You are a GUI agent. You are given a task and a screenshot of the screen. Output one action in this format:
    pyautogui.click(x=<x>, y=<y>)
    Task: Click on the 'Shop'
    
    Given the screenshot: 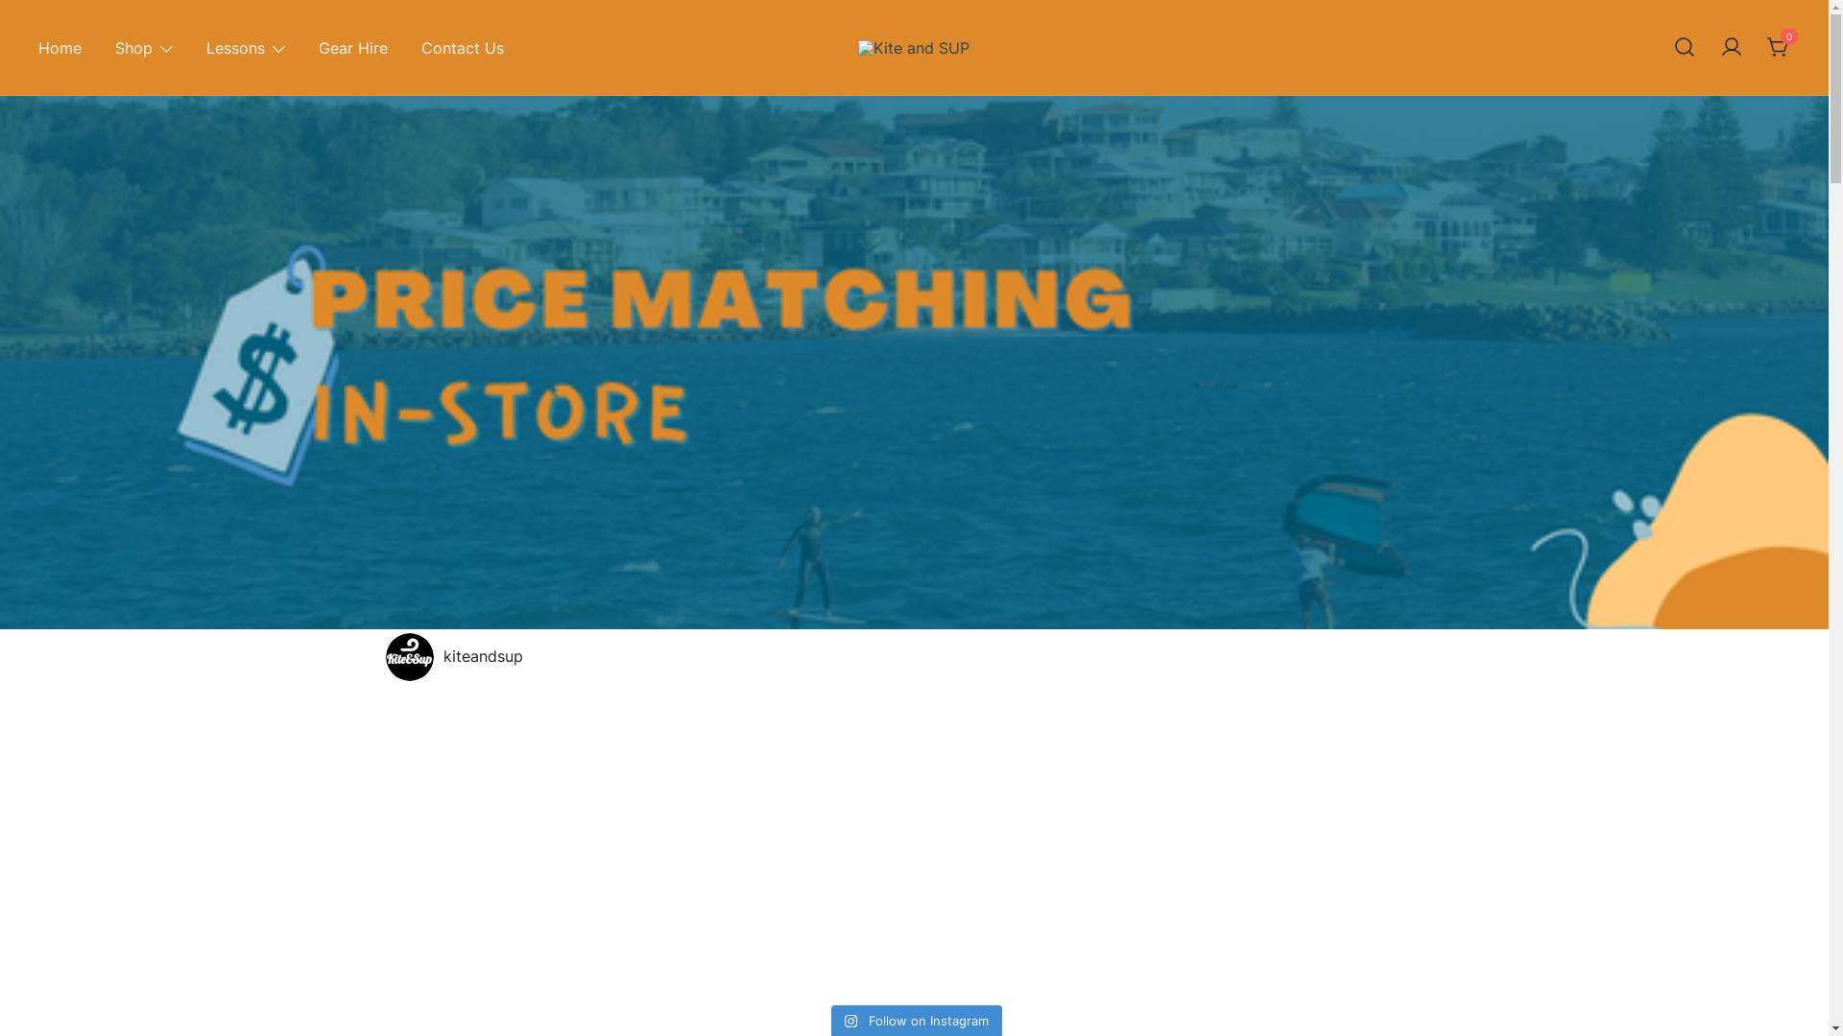 What is the action you would take?
    pyautogui.click(x=132, y=47)
    